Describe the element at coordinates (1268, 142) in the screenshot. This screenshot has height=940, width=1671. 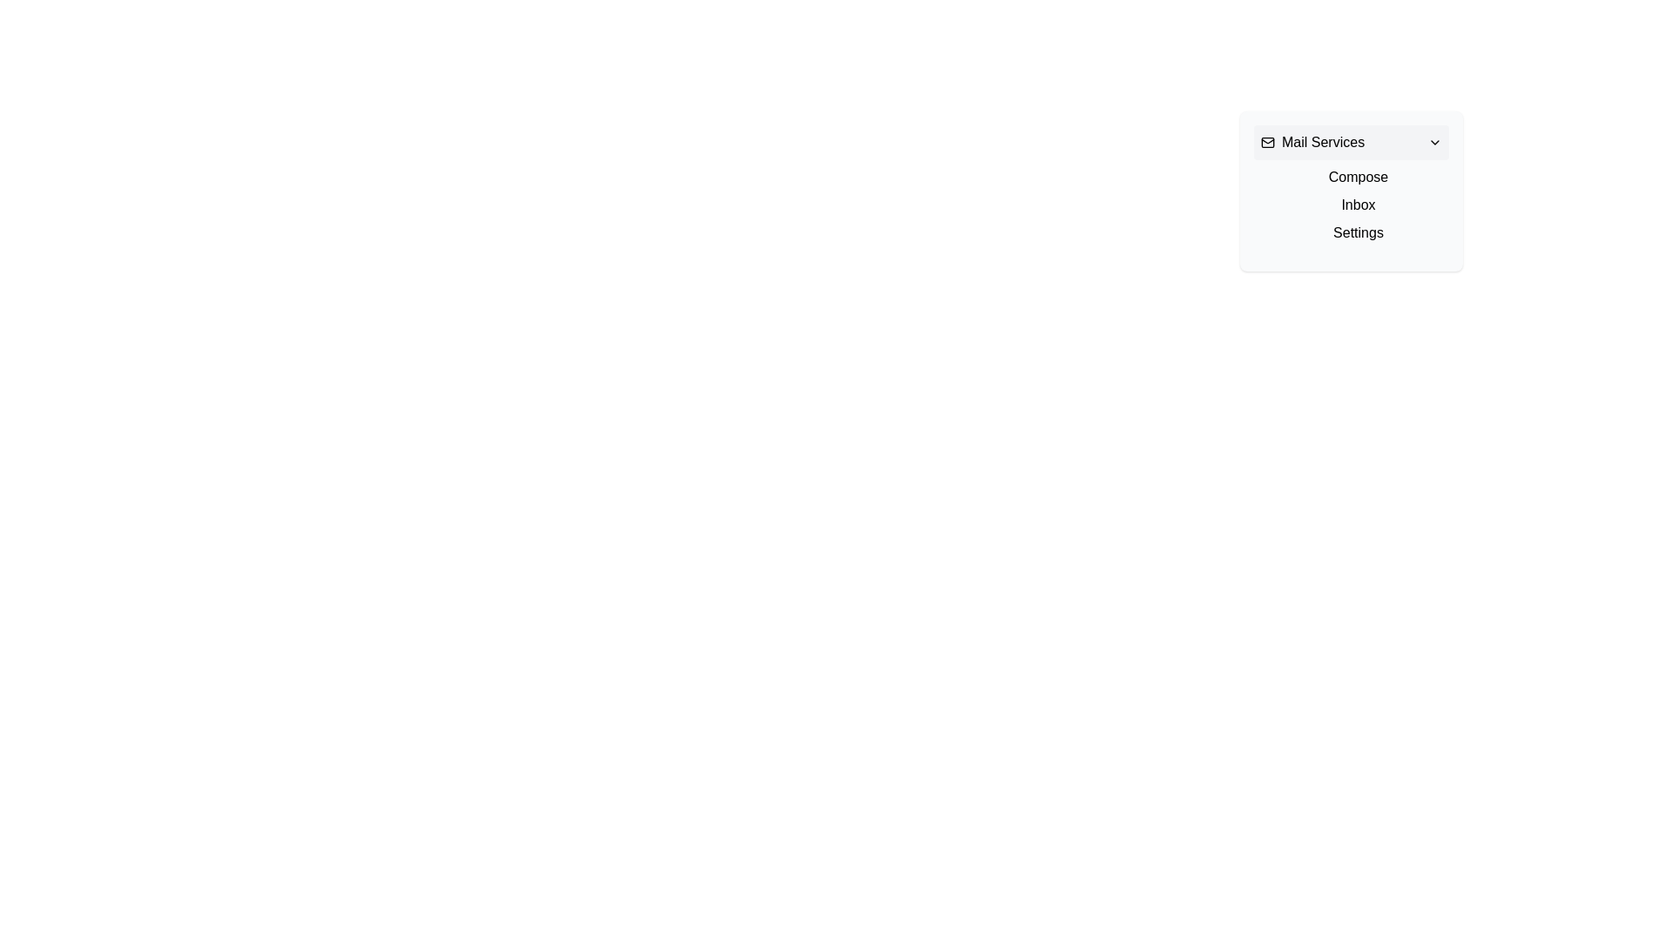
I see `the email icon located to the left of the 'Mail Services' label in the header section of the menu panel to understand its association` at that location.